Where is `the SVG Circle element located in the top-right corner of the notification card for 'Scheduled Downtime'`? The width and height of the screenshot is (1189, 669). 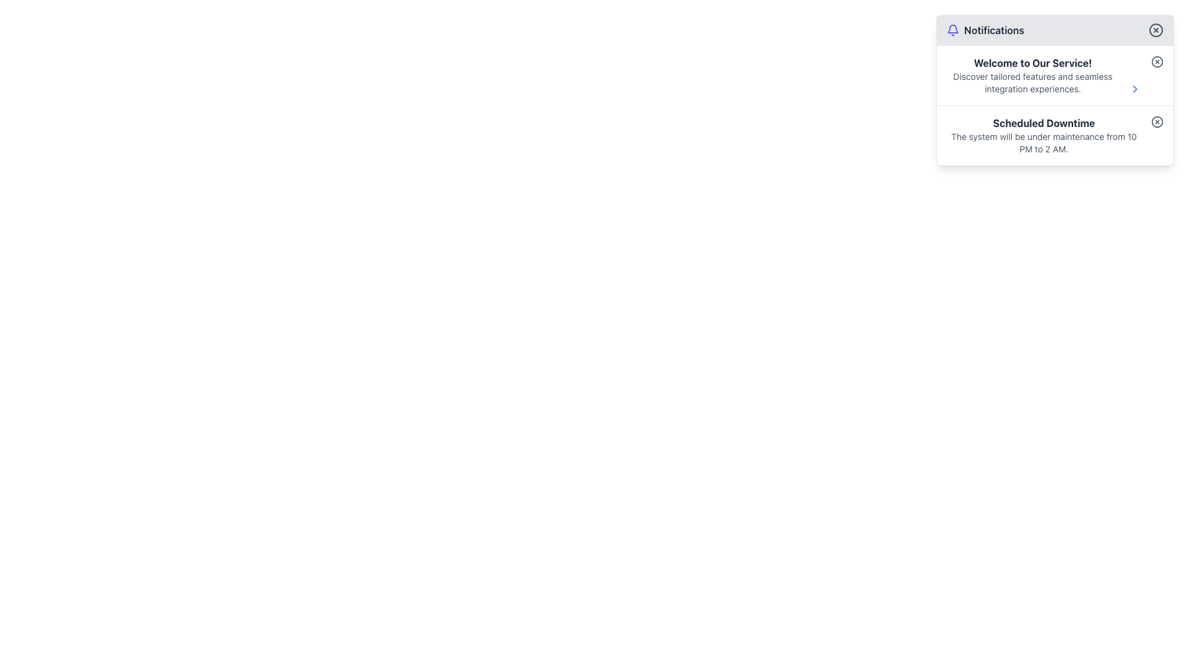
the SVG Circle element located in the top-right corner of the notification card for 'Scheduled Downtime' is located at coordinates (1156, 121).